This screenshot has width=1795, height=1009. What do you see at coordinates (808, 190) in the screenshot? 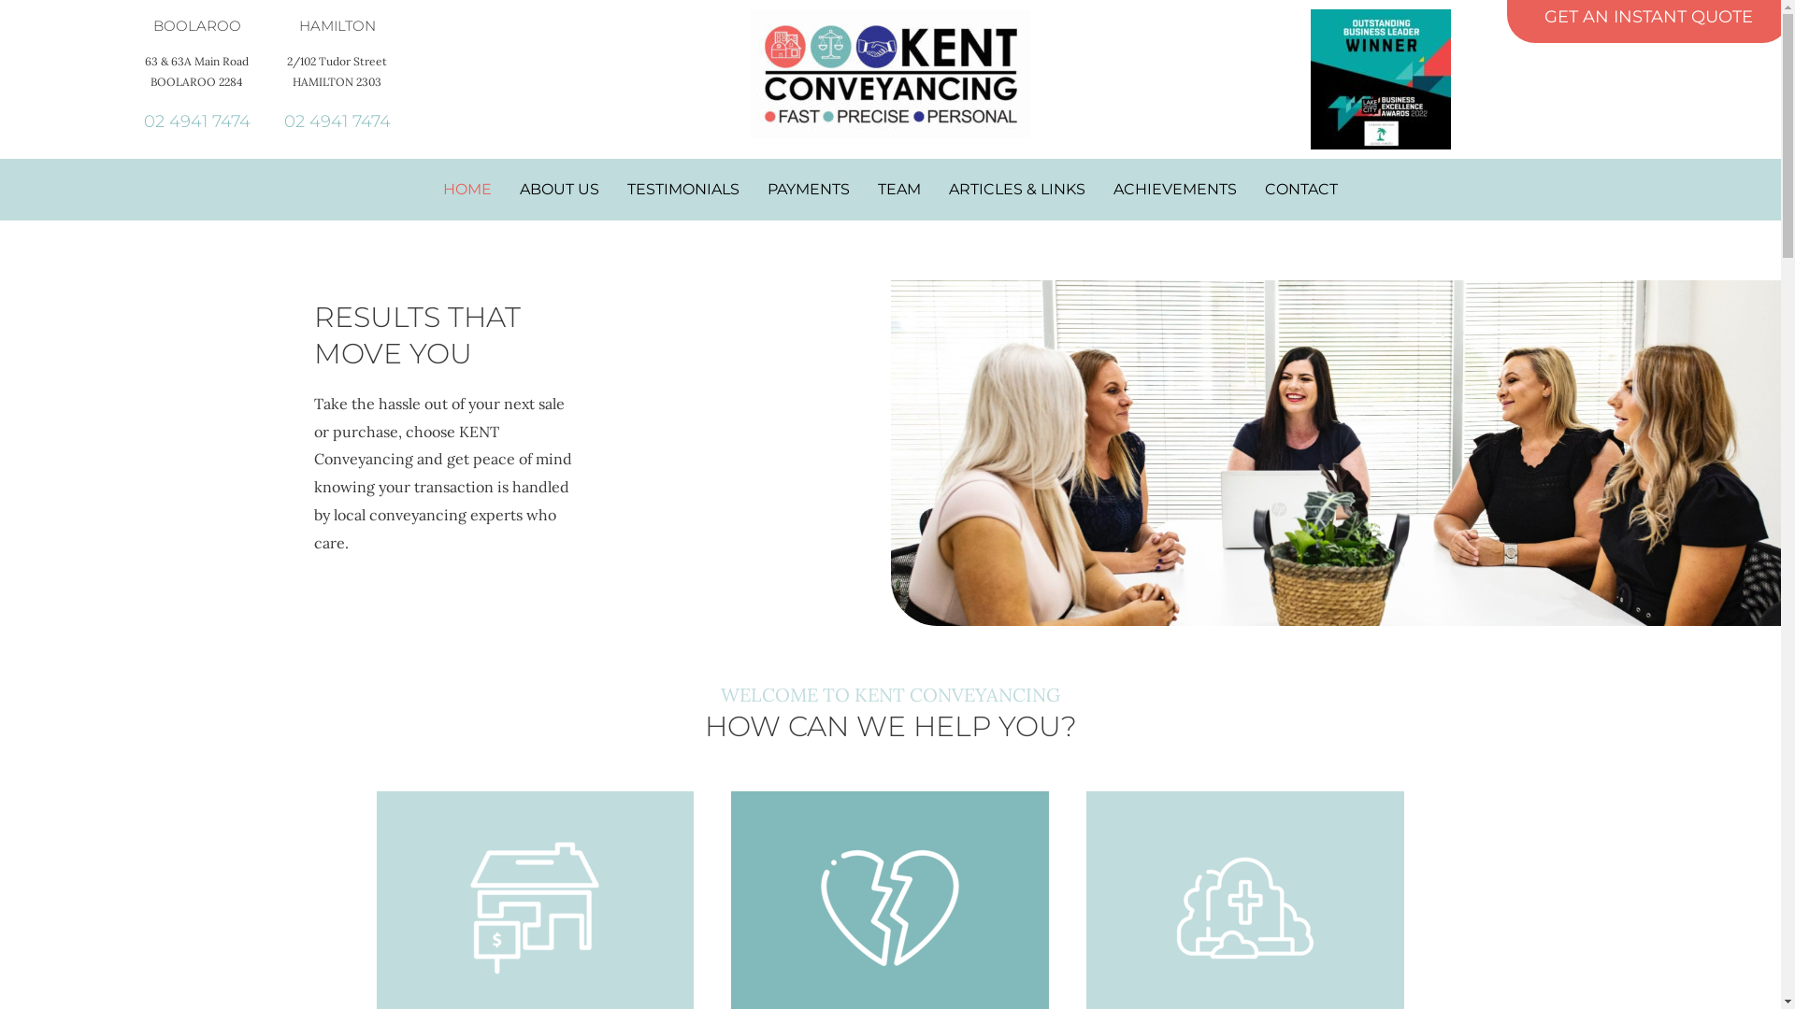
I see `'PAYMENTS'` at bounding box center [808, 190].